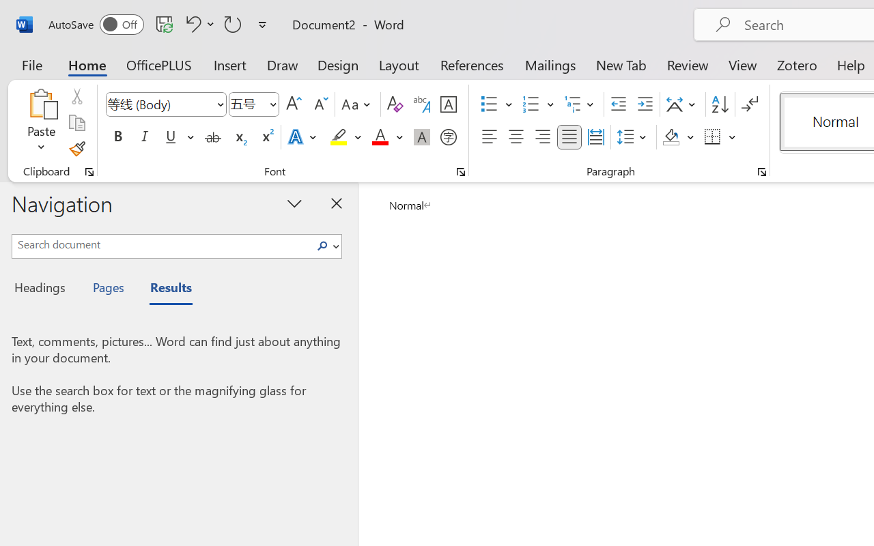 The width and height of the screenshot is (874, 546). What do you see at coordinates (683, 104) in the screenshot?
I see `'Asian Layout'` at bounding box center [683, 104].